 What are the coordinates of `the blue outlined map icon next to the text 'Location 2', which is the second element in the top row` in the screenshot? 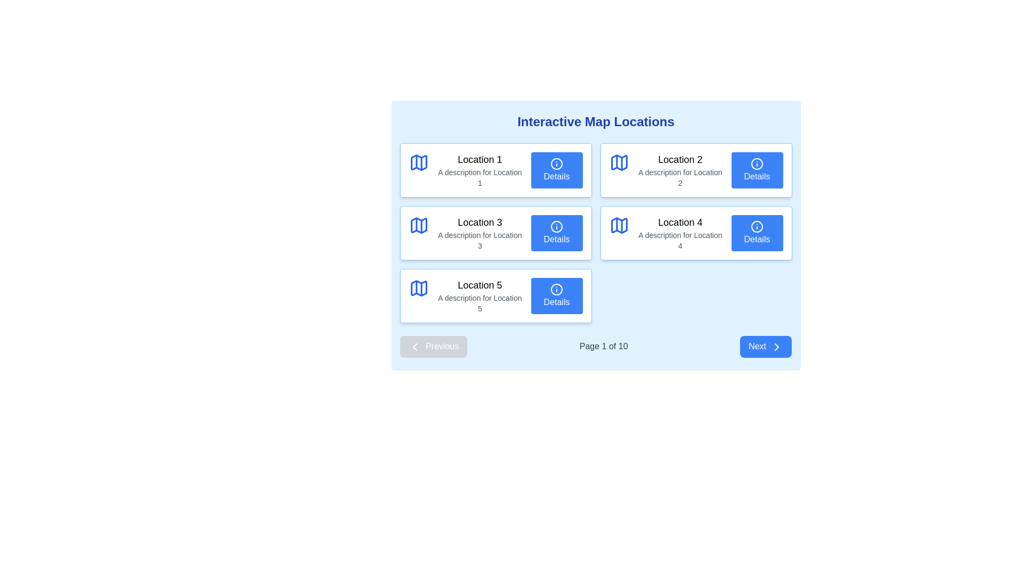 It's located at (619, 162).